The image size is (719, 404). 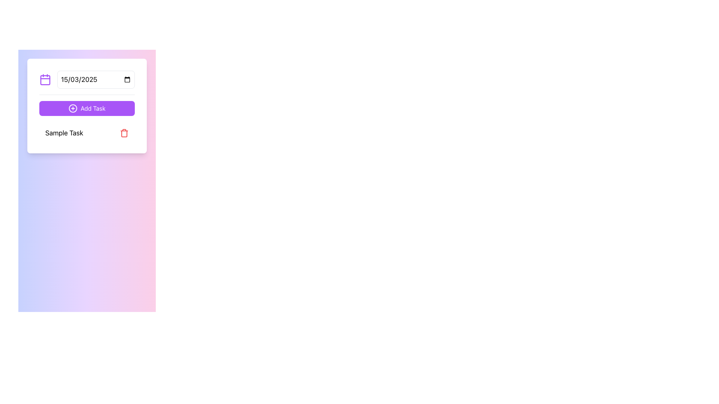 What do you see at coordinates (45, 79) in the screenshot?
I see `the calendar icon with a purple outline located at the leftmost part of the horizontal group containing date input fields` at bounding box center [45, 79].